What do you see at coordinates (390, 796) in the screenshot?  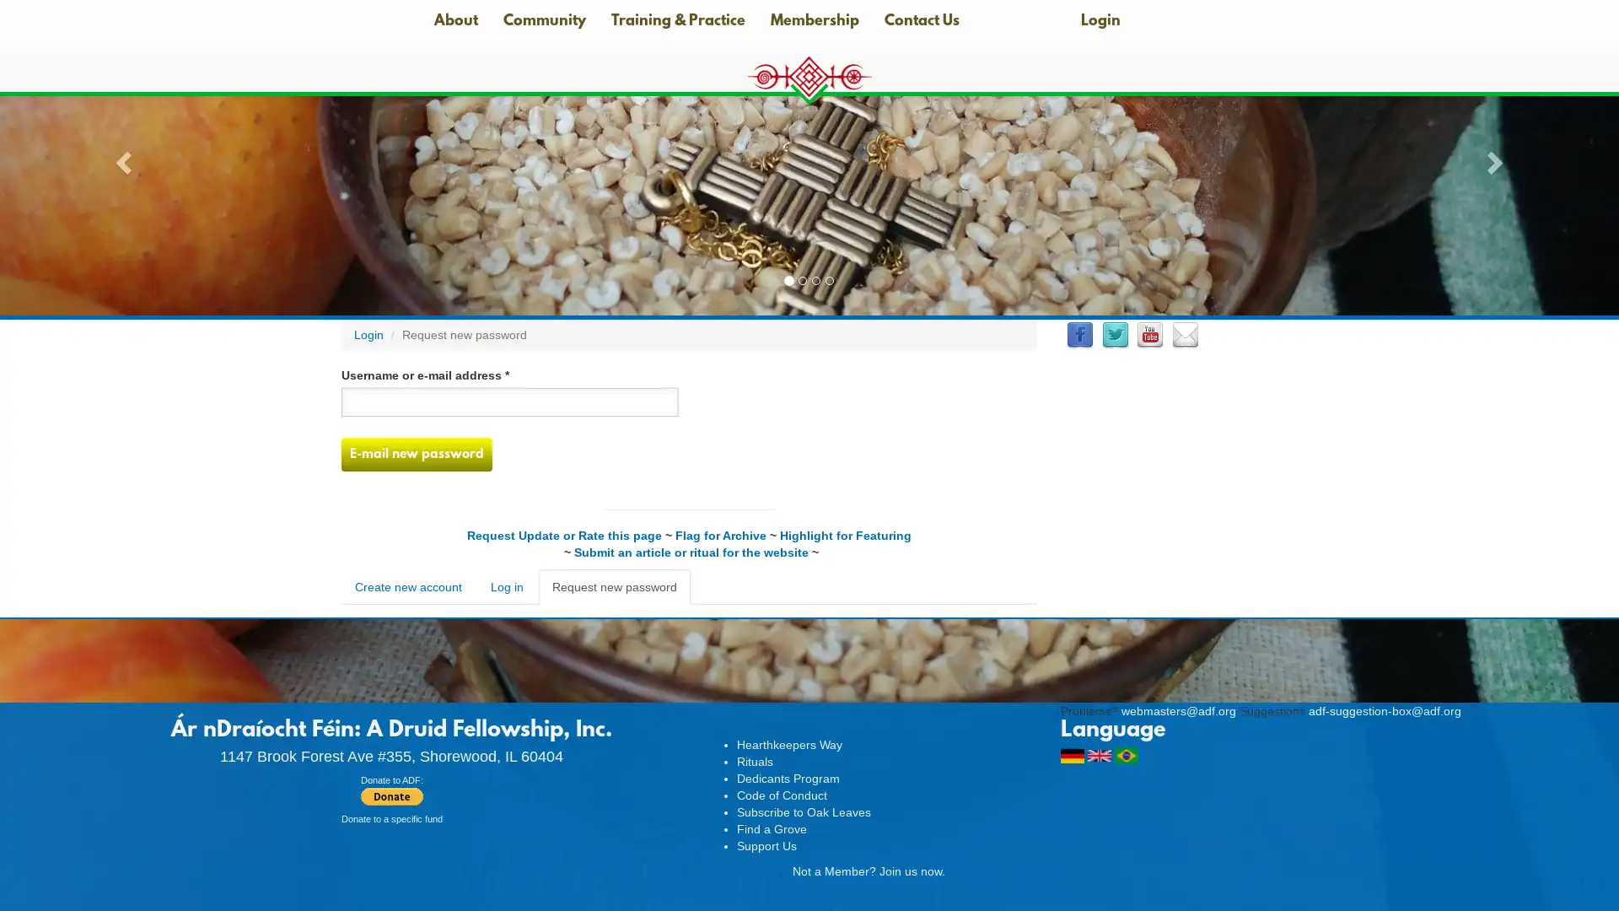 I see `Donate with PayPal button` at bounding box center [390, 796].